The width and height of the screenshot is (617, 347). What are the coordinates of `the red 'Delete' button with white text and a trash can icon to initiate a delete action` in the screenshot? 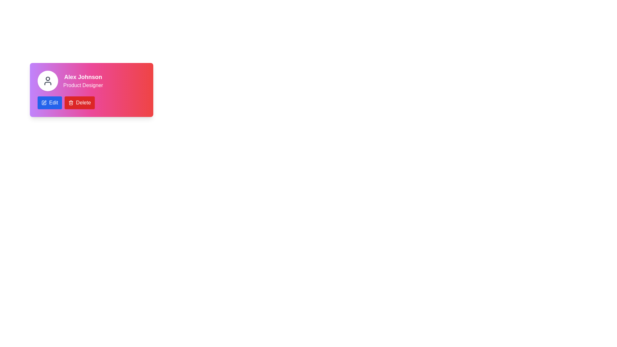 It's located at (79, 102).